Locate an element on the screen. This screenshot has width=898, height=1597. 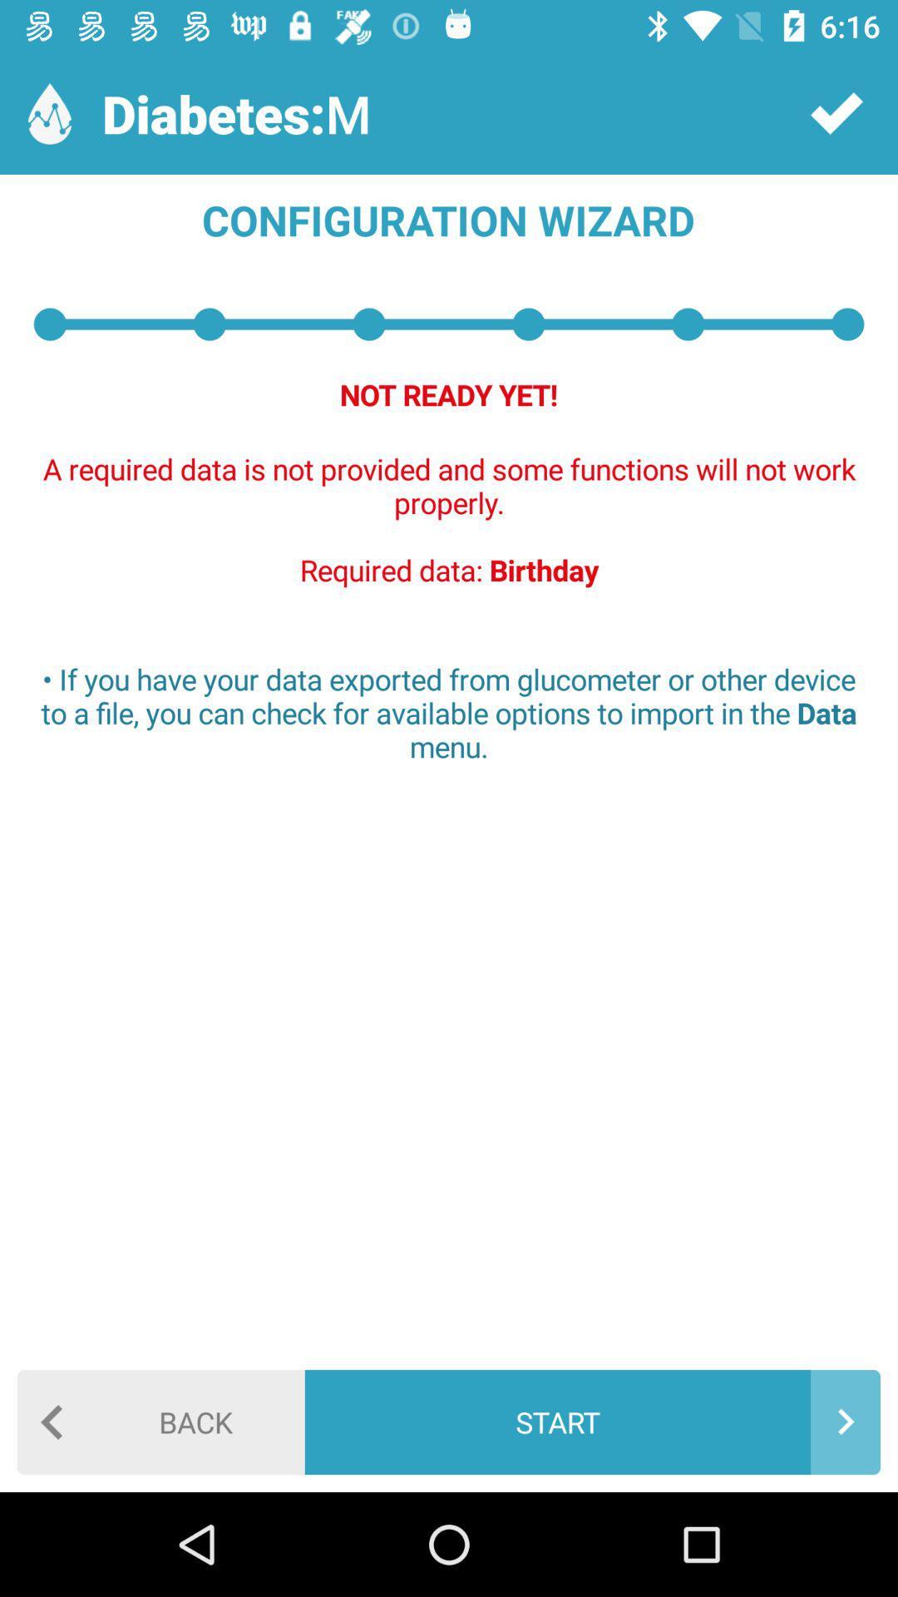
the icon next to the start icon is located at coordinates (160, 1421).